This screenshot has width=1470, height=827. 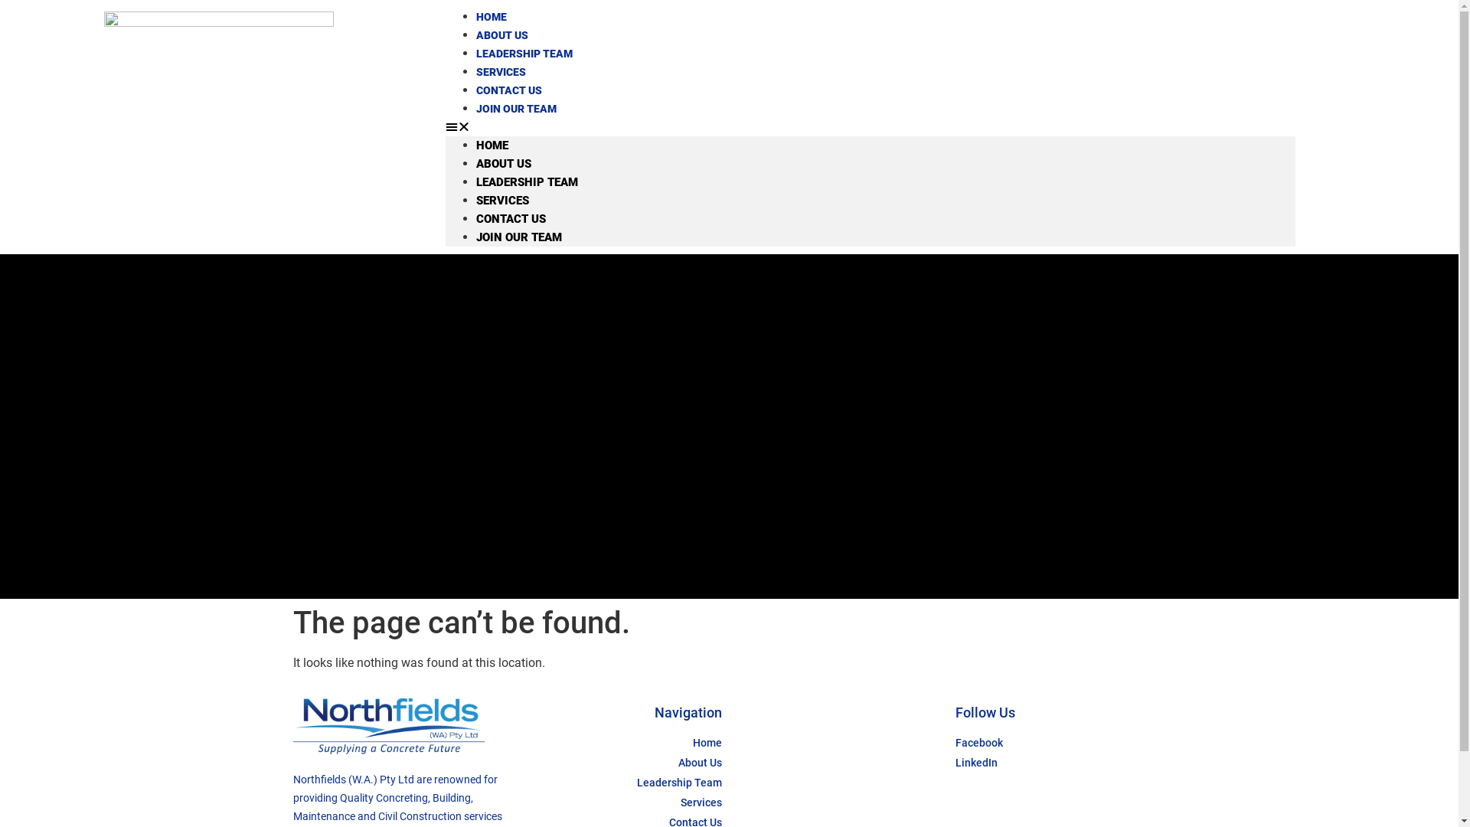 I want to click on 'HOME', so click(x=492, y=145).